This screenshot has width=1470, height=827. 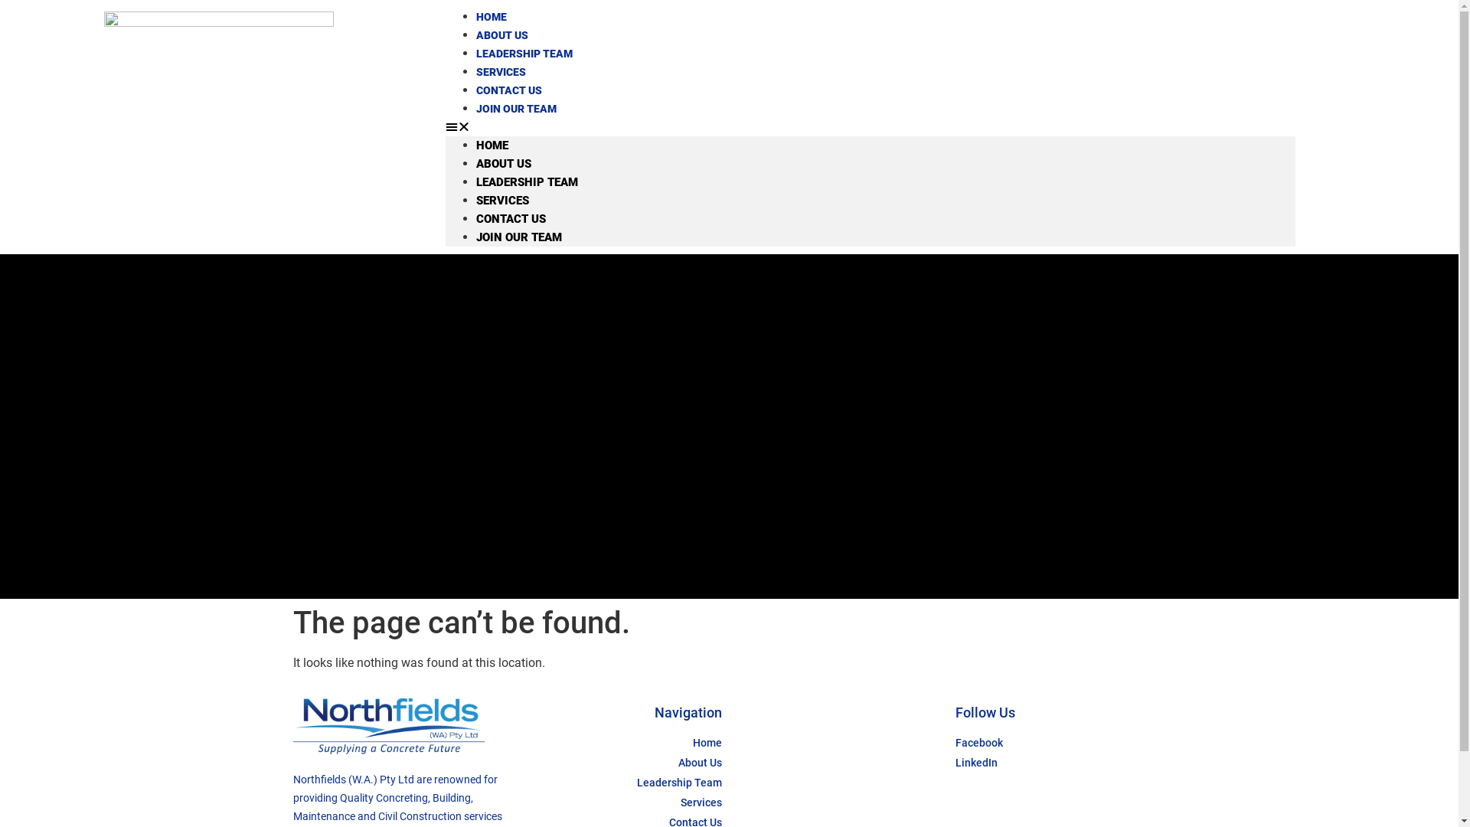 I want to click on 'HOME', so click(x=492, y=145).